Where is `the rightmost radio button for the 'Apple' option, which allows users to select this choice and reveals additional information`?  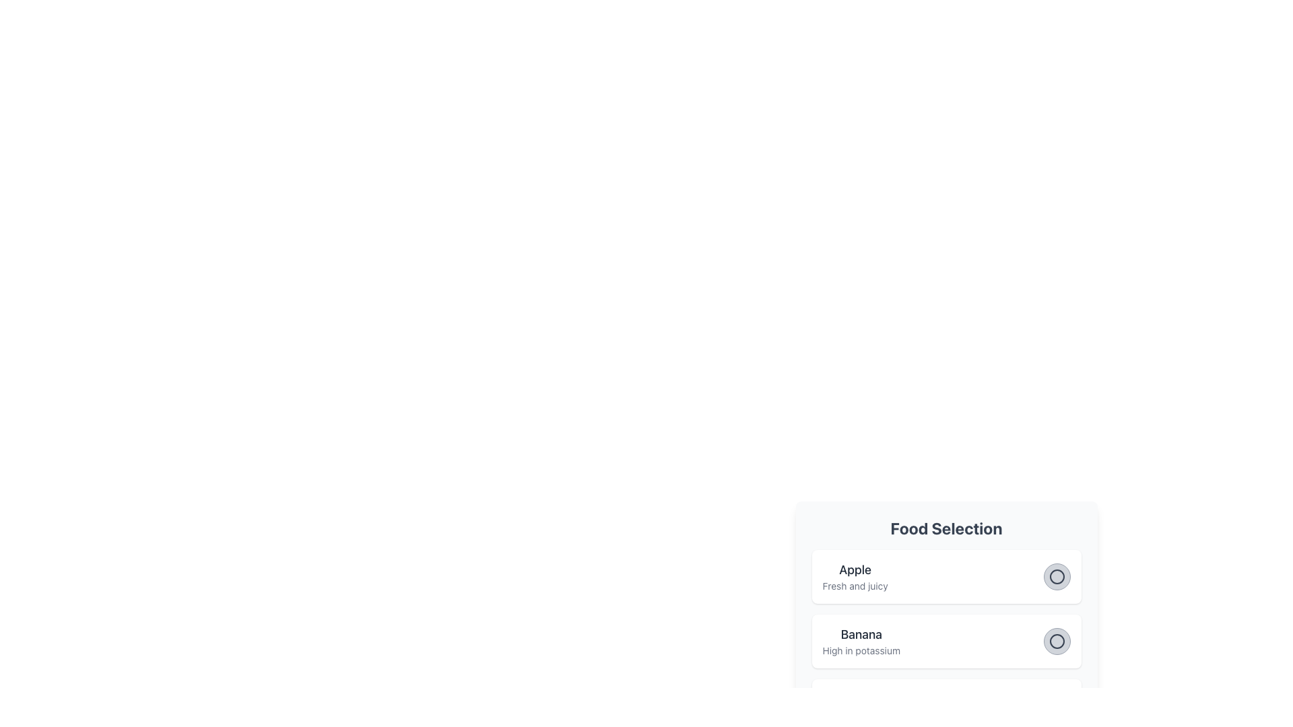
the rightmost radio button for the 'Apple' option, which allows users to select this choice and reveals additional information is located at coordinates (1056, 576).